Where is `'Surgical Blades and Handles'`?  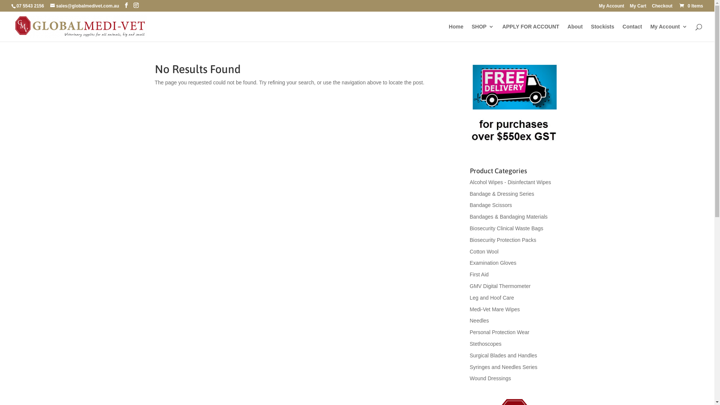 'Surgical Blades and Handles' is located at coordinates (503, 355).